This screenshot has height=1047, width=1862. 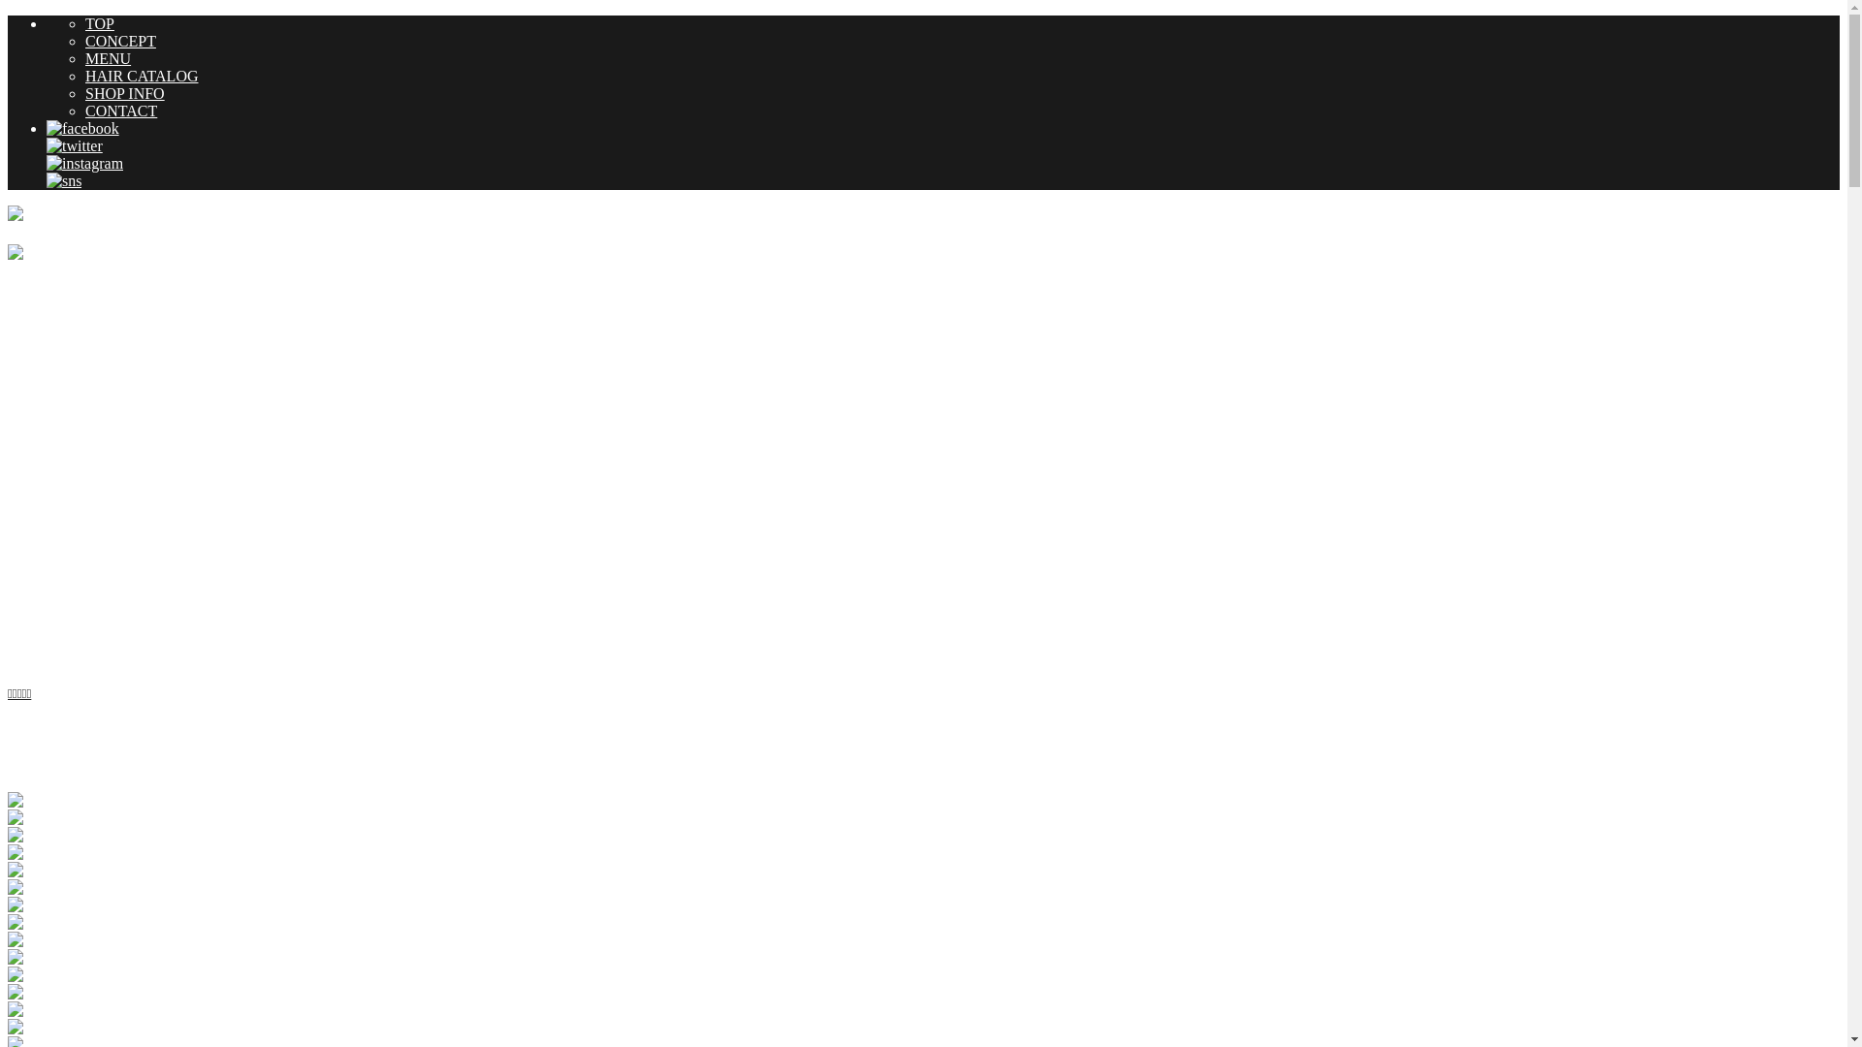 I want to click on 'LINE', so click(x=64, y=180).